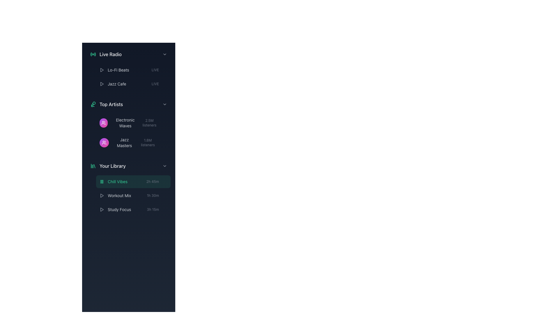  Describe the element at coordinates (128, 77) in the screenshot. I see `the ListItem containing 'Lo-Fi Beats' and 'Jazz Cafe' in the 'Live Radio' section for interaction` at that location.